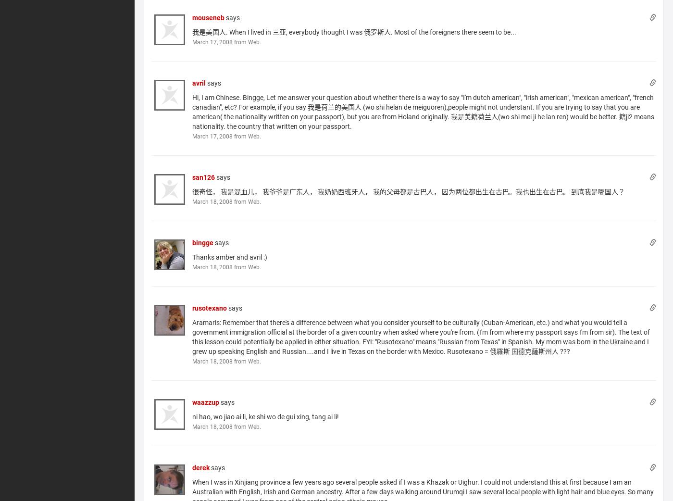  I want to click on 'san126', so click(203, 176).